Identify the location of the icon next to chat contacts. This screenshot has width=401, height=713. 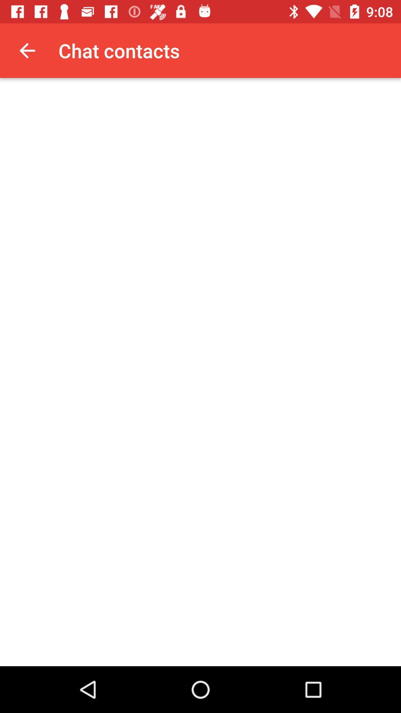
(27, 50).